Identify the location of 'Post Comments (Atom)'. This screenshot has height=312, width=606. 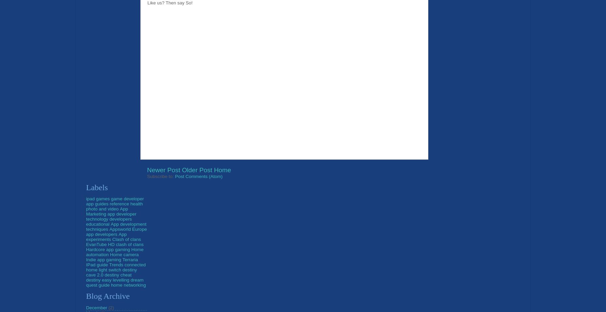
(198, 176).